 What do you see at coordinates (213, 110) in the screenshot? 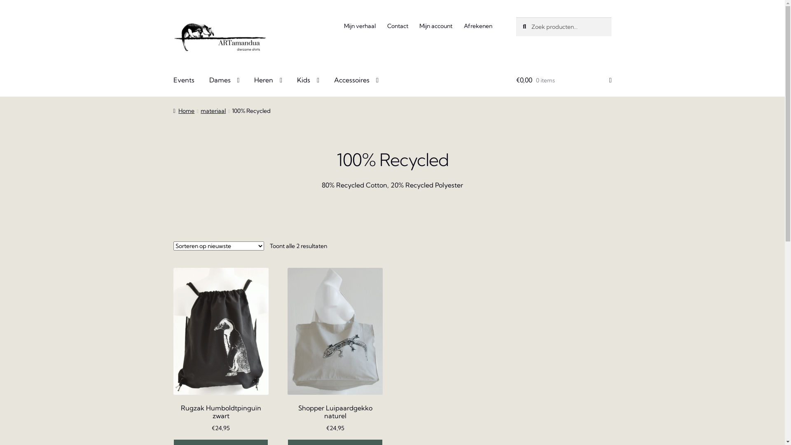
I see `'materiaal'` at bounding box center [213, 110].